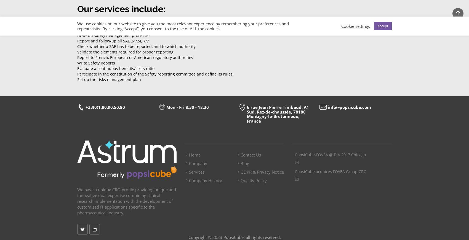 The height and width of the screenshot is (240, 469). What do you see at coordinates (341, 25) in the screenshot?
I see `'Cookie settings'` at bounding box center [341, 25].